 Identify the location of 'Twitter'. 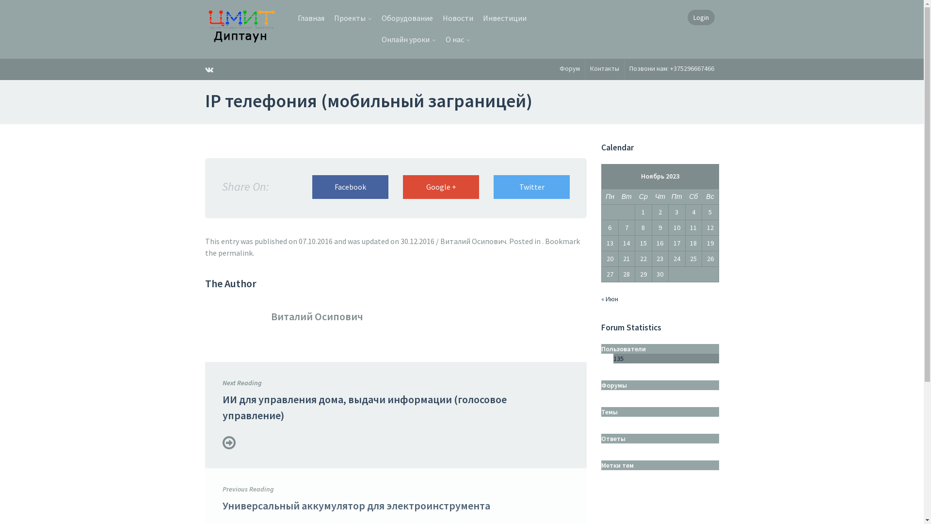
(531, 187).